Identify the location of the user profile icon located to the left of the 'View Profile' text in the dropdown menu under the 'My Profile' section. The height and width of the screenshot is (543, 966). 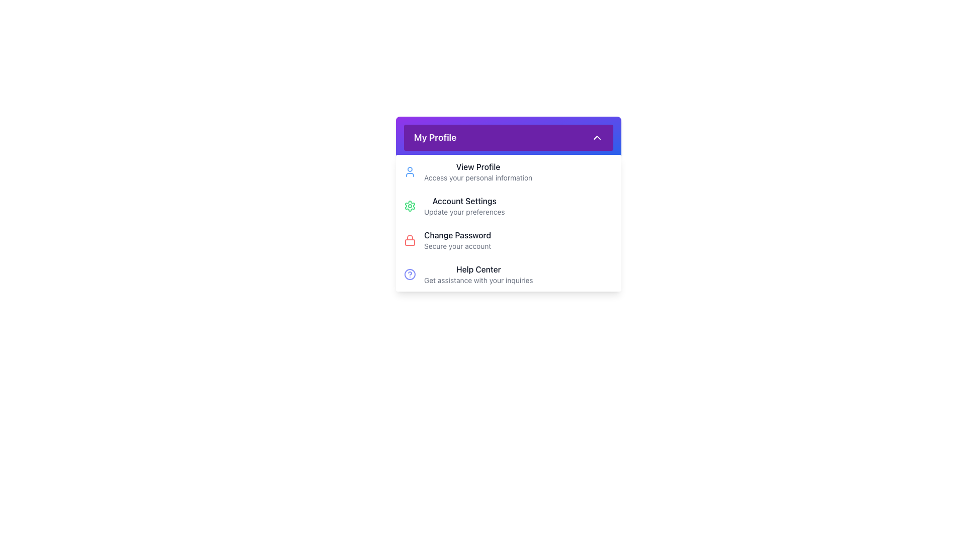
(410, 171).